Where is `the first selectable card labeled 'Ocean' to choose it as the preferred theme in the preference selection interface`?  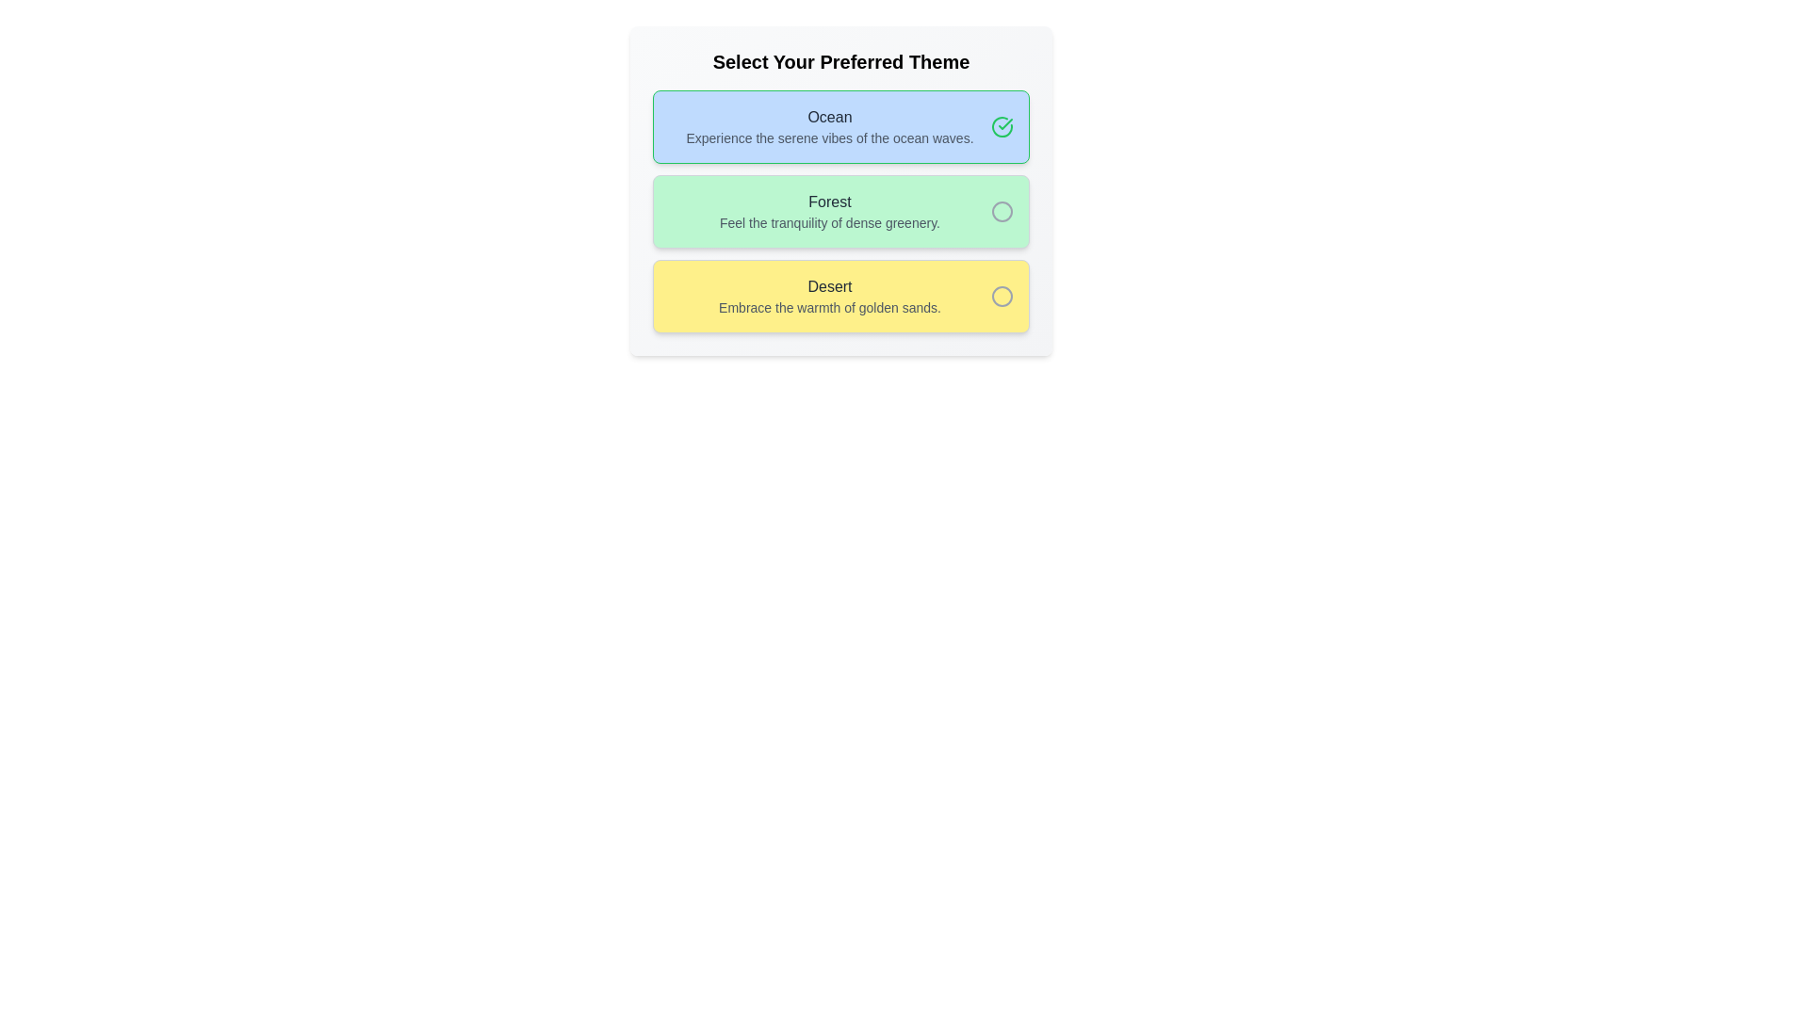 the first selectable card labeled 'Ocean' to choose it as the preferred theme in the preference selection interface is located at coordinates (839, 127).